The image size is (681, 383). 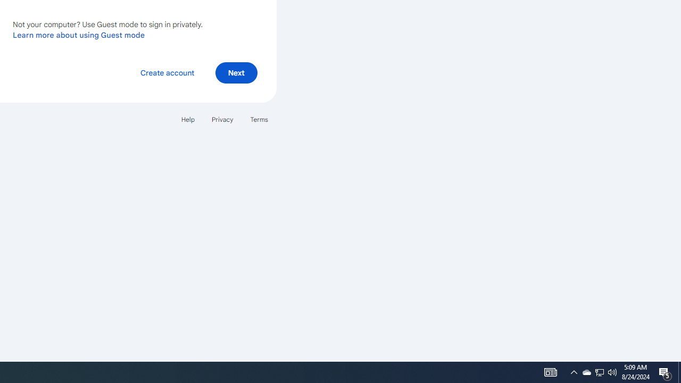 I want to click on 'Learn more about using Guest mode', so click(x=78, y=34).